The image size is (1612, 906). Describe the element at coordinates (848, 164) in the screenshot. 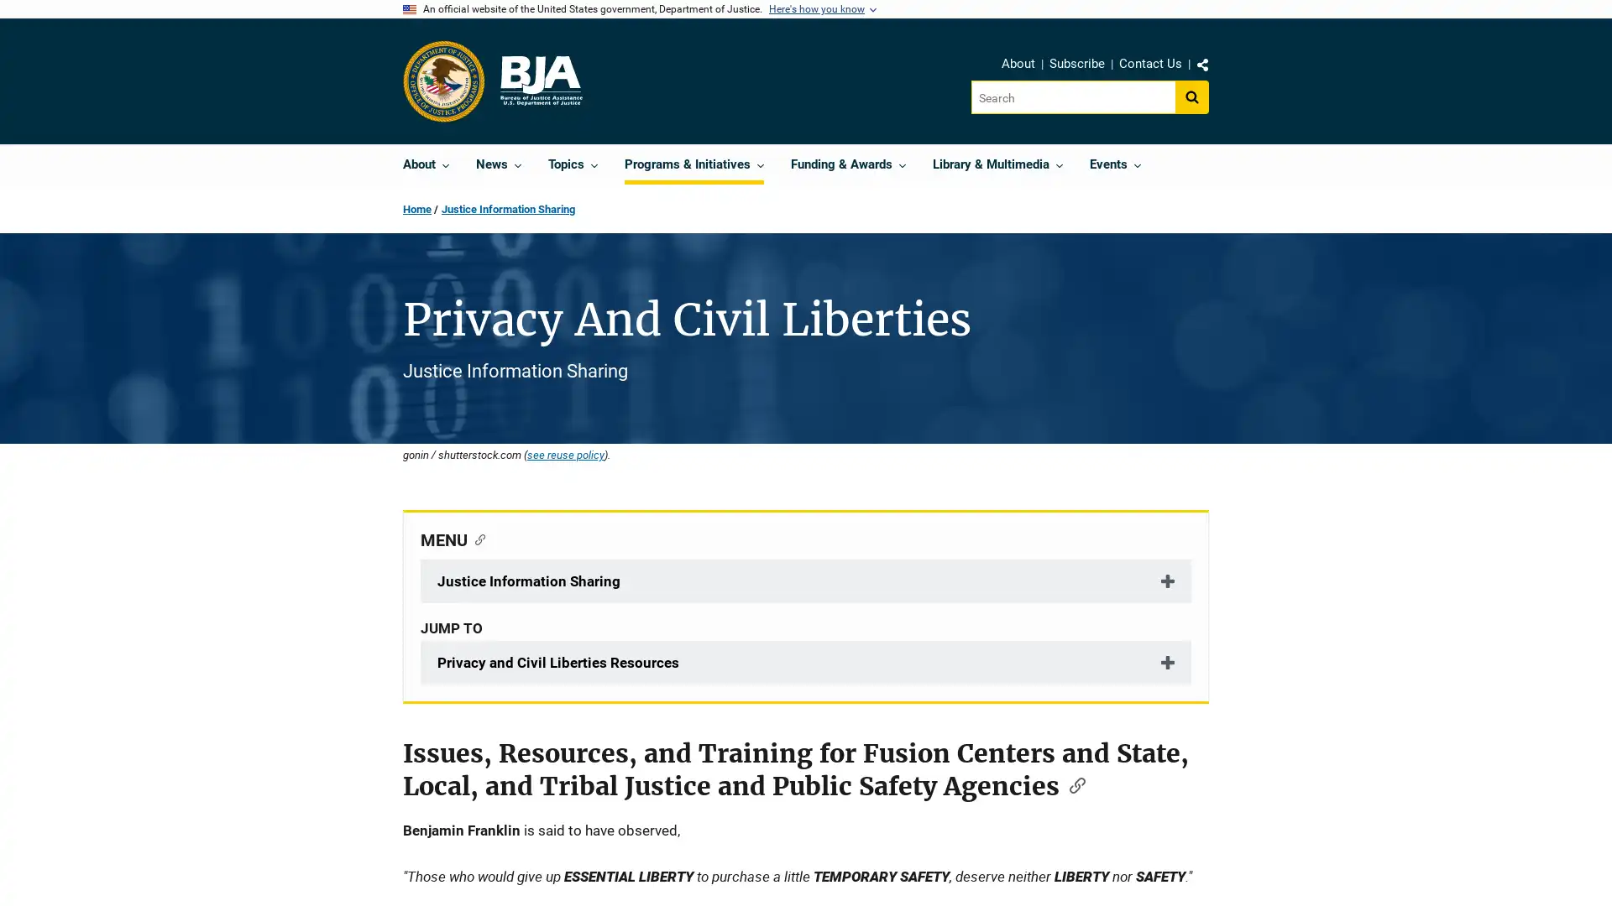

I see `Funding & Awards` at that location.